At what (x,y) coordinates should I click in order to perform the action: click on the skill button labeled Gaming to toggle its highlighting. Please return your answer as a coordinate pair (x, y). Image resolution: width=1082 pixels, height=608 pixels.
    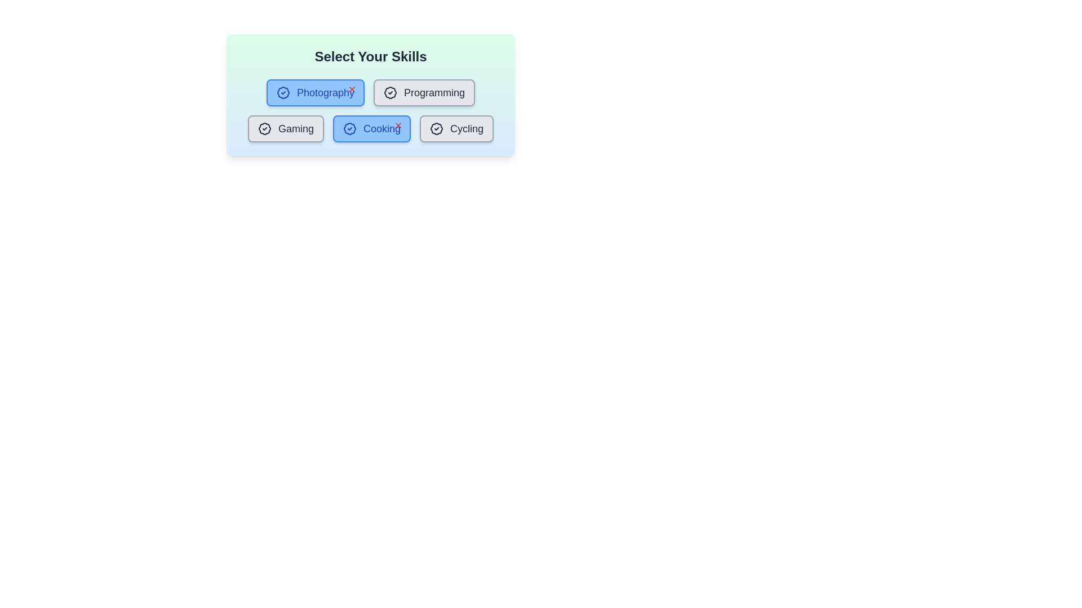
    Looking at the image, I should click on (286, 128).